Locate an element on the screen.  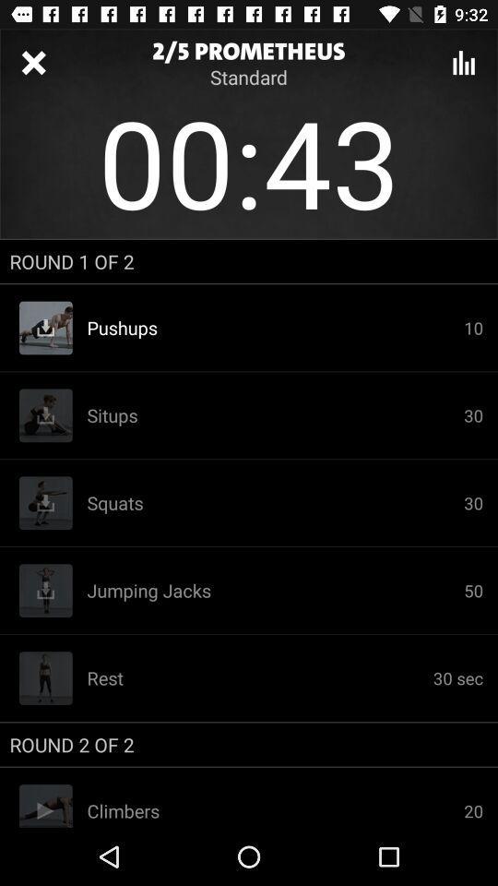
this screen is located at coordinates (33, 63).